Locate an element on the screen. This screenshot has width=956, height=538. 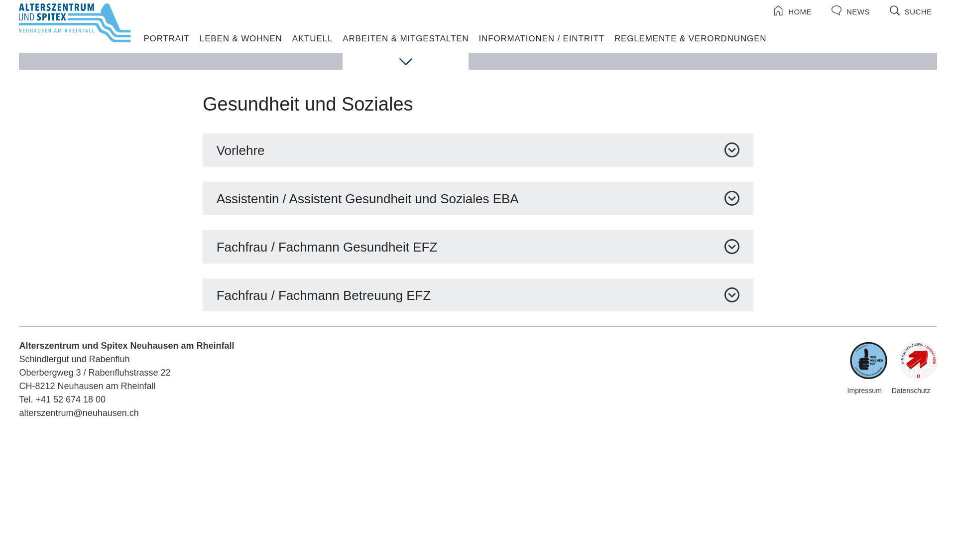
'Datenschutz' is located at coordinates (911, 390).